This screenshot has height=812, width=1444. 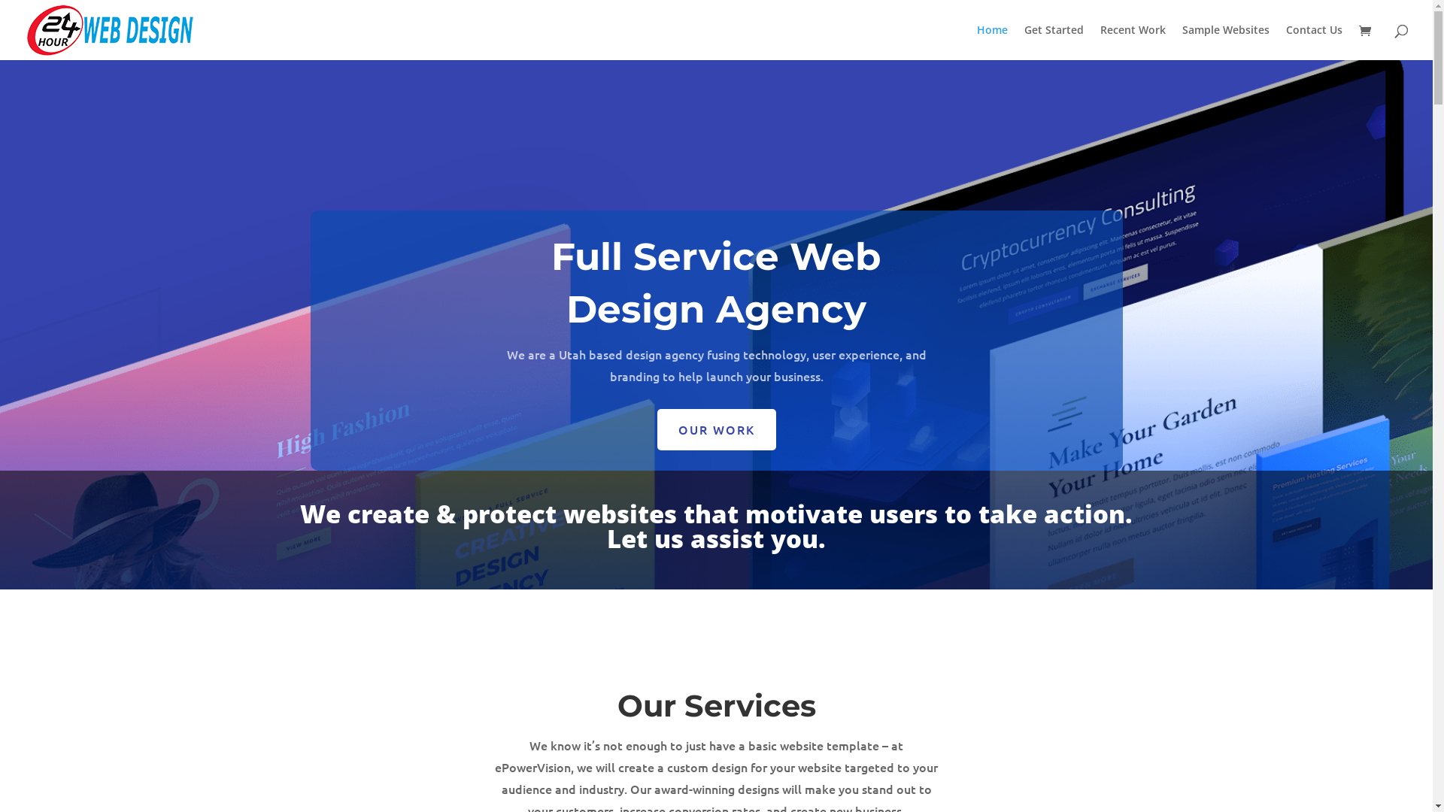 What do you see at coordinates (716, 429) in the screenshot?
I see `'OUR WORK'` at bounding box center [716, 429].